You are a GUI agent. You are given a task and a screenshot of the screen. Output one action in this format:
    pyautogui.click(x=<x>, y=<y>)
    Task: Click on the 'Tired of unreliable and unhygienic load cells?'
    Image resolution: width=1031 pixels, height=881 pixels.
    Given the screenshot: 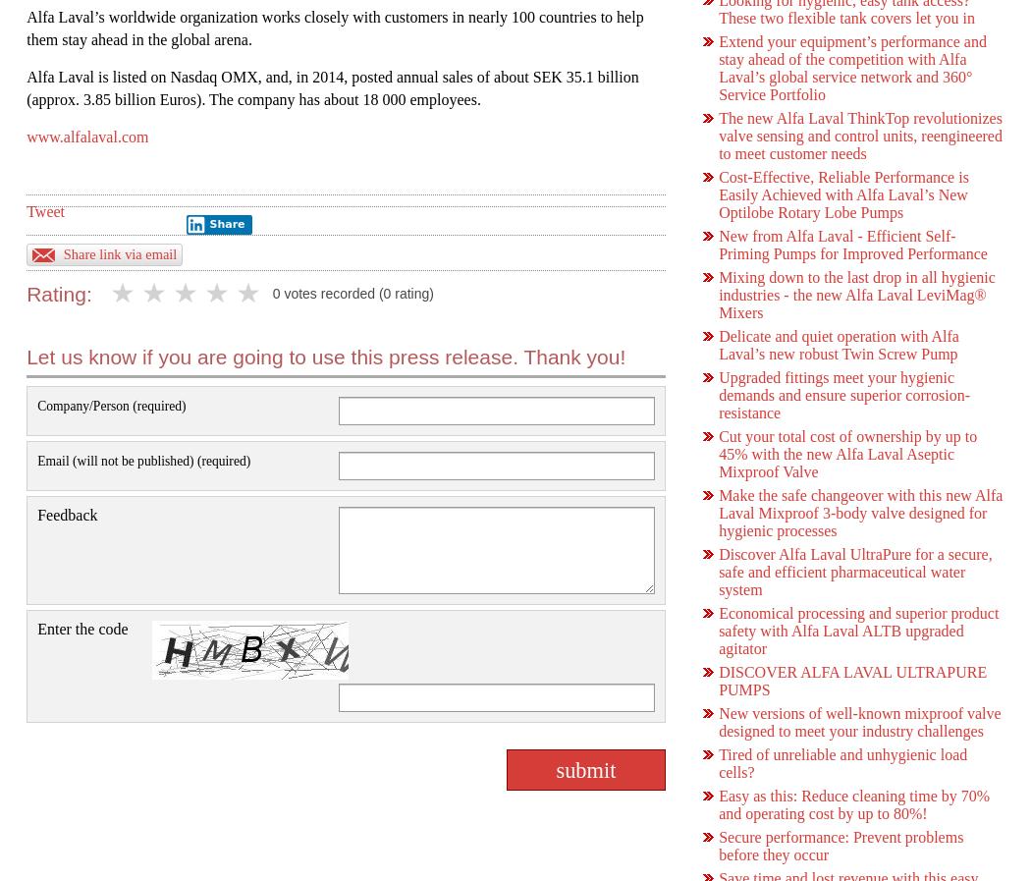 What is the action you would take?
    pyautogui.click(x=842, y=763)
    